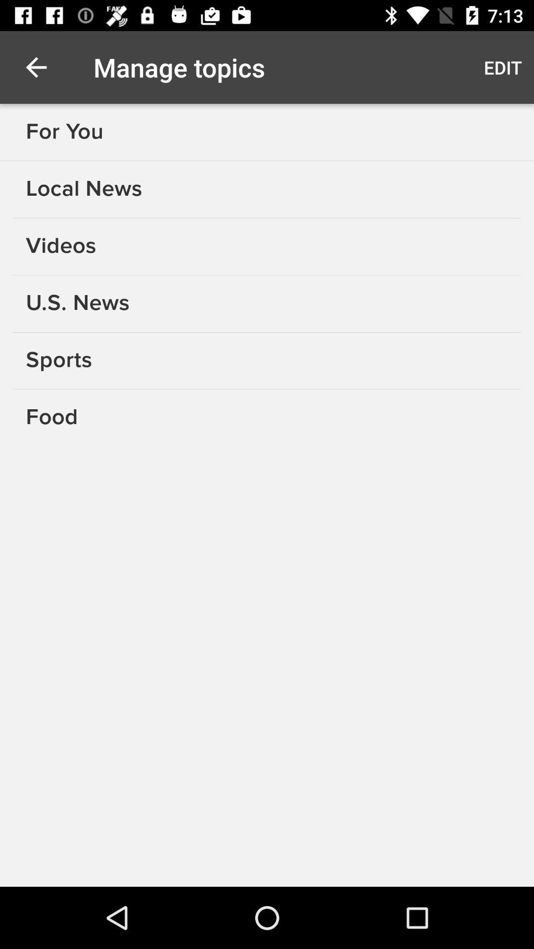 Image resolution: width=534 pixels, height=949 pixels. Describe the element at coordinates (503, 67) in the screenshot. I see `the edit icon` at that location.